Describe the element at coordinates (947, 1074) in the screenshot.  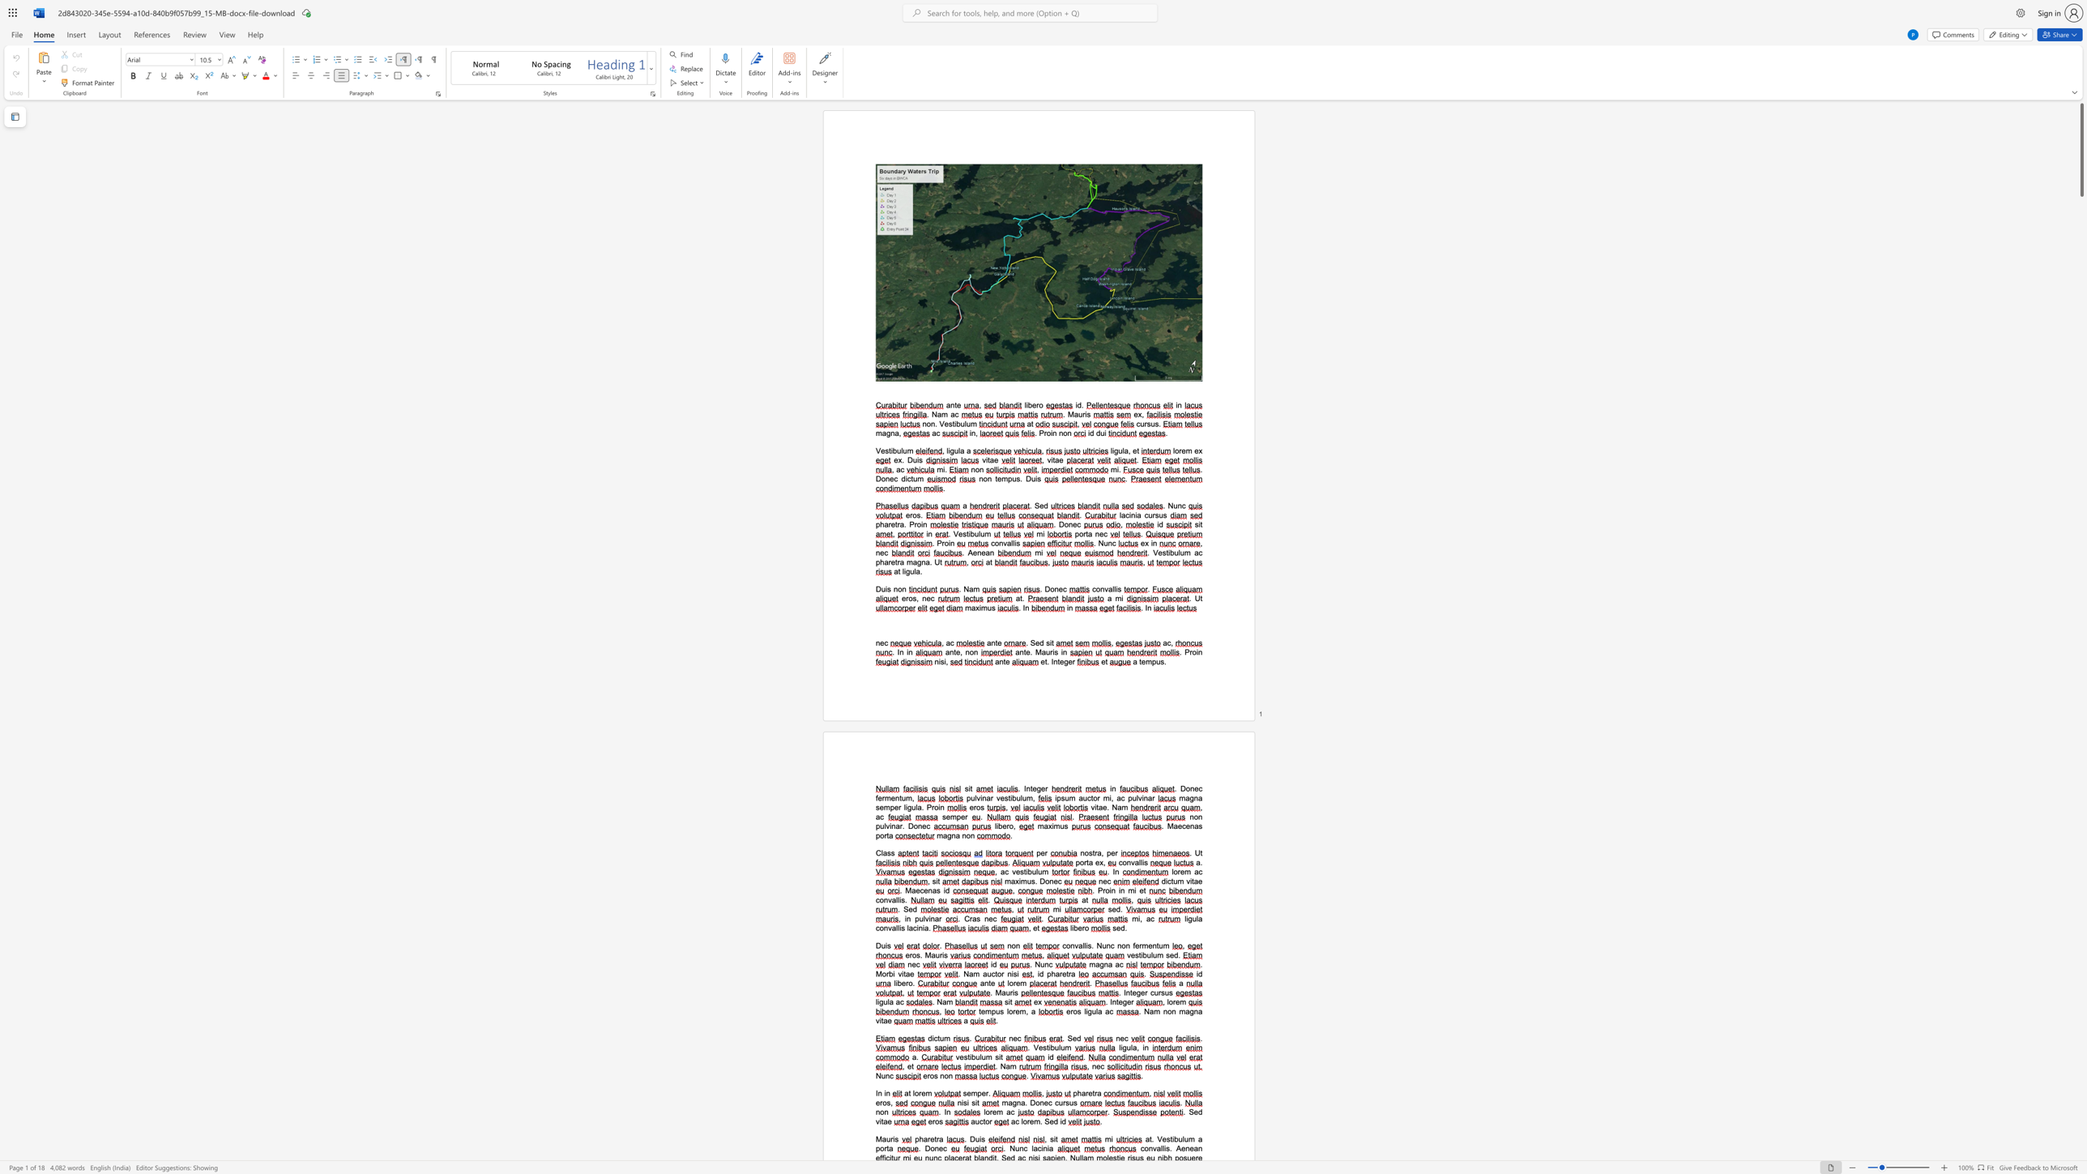
I see `the space between the continuous character "o" and "n" in the text` at that location.